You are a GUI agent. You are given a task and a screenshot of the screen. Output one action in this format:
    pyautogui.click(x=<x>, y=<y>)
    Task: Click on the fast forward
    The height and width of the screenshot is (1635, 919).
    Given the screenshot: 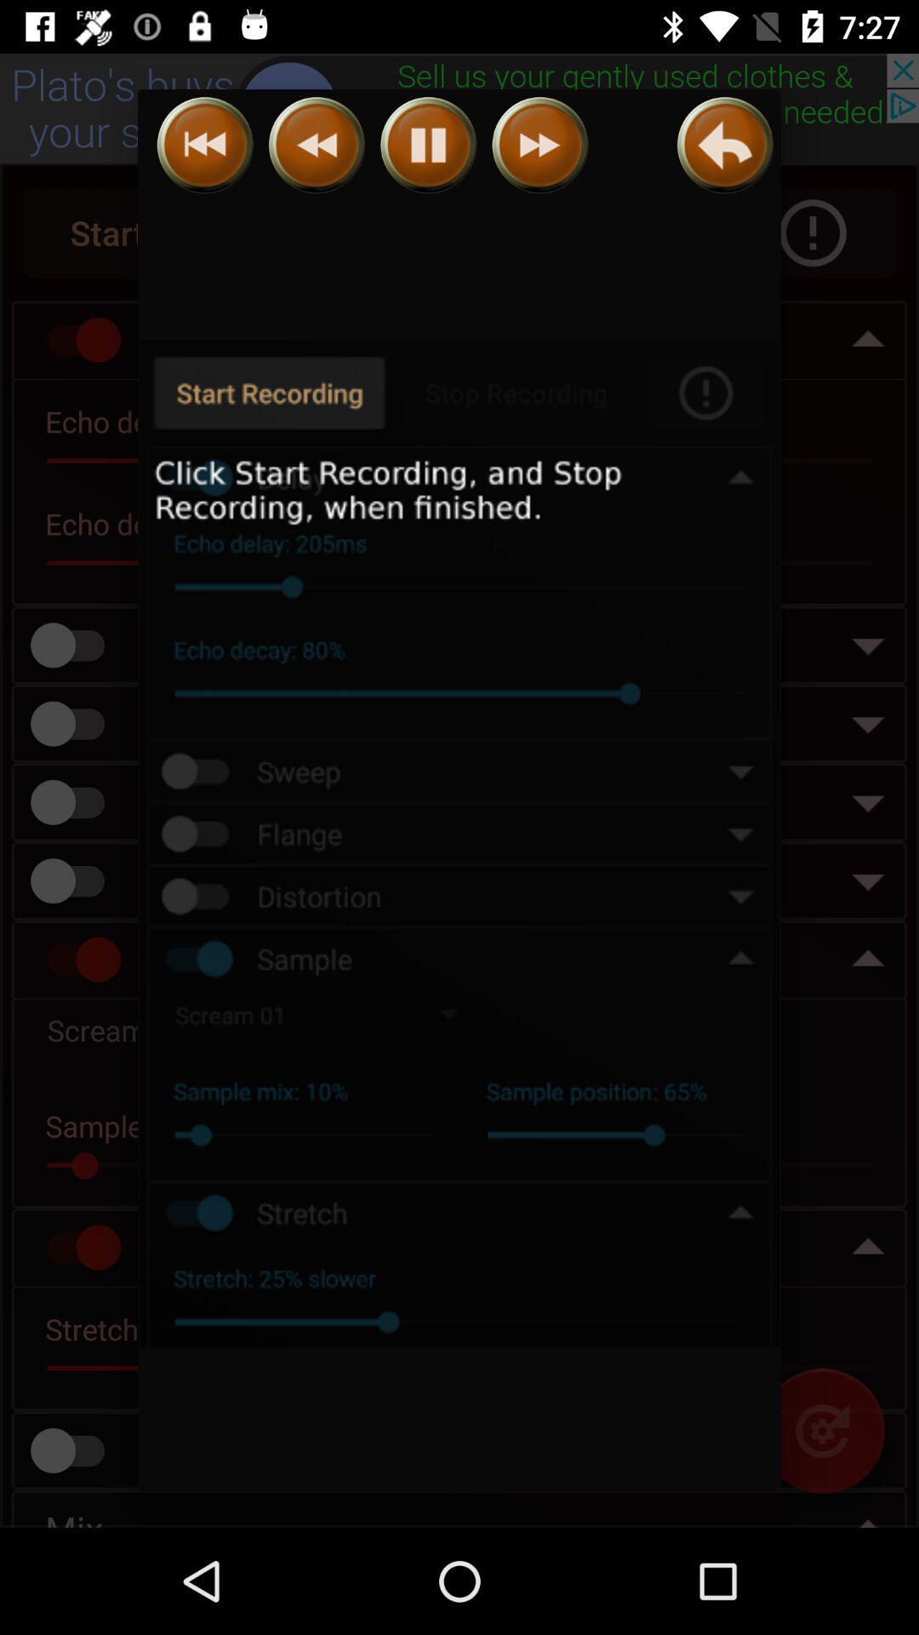 What is the action you would take?
    pyautogui.click(x=539, y=145)
    